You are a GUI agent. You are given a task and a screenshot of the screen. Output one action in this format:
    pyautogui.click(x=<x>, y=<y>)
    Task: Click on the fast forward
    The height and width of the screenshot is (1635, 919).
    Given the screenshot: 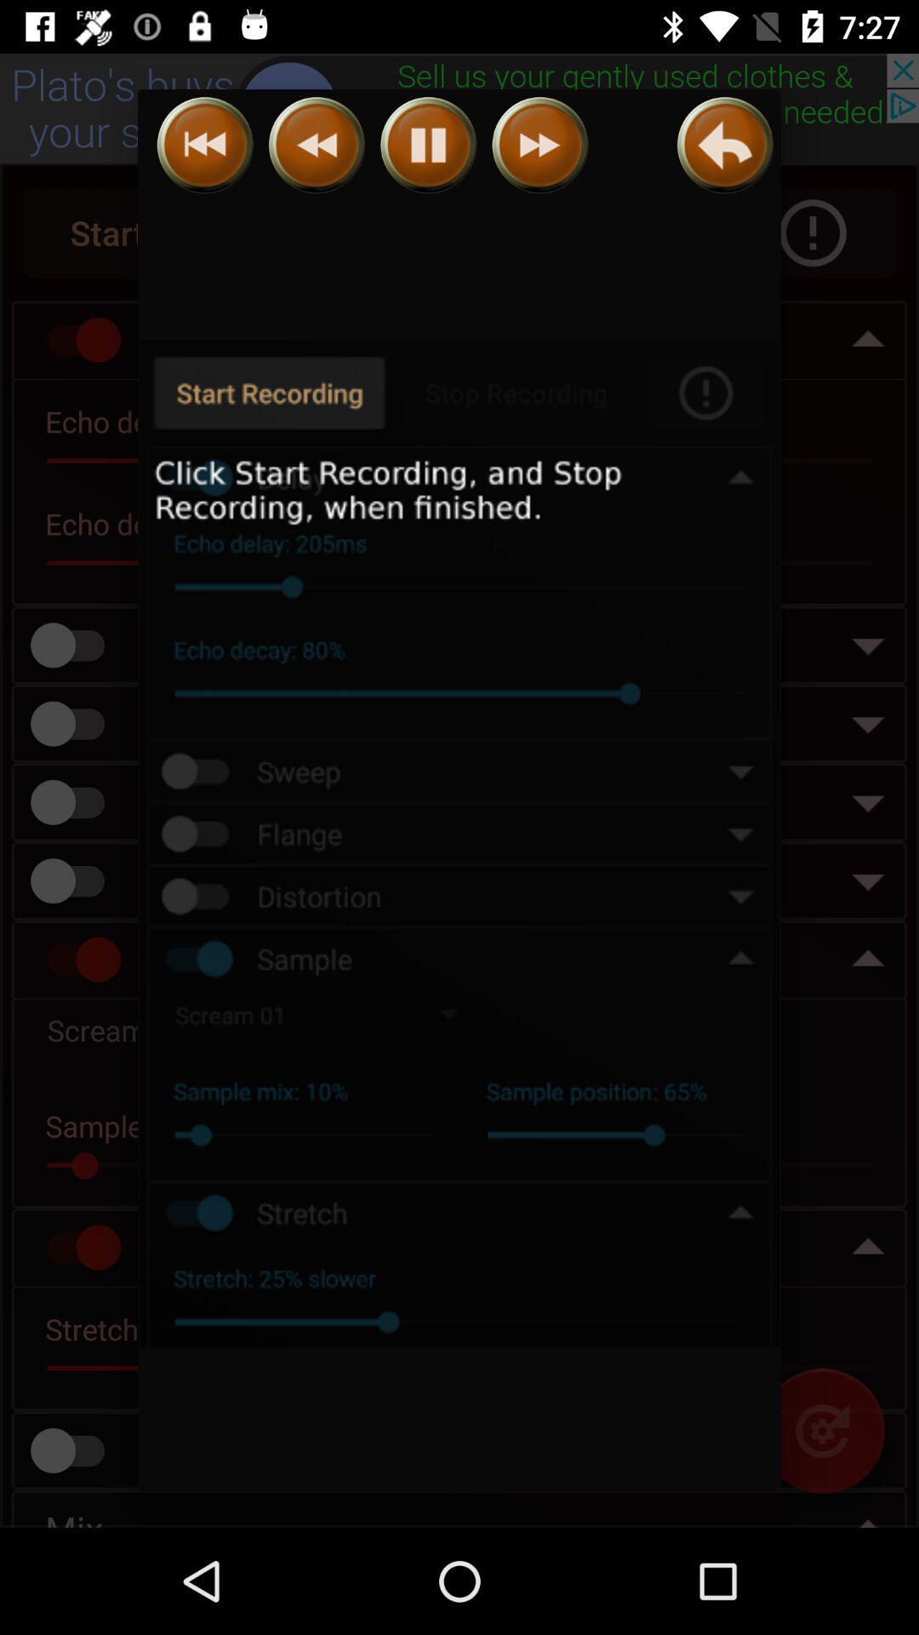 What is the action you would take?
    pyautogui.click(x=539, y=145)
    